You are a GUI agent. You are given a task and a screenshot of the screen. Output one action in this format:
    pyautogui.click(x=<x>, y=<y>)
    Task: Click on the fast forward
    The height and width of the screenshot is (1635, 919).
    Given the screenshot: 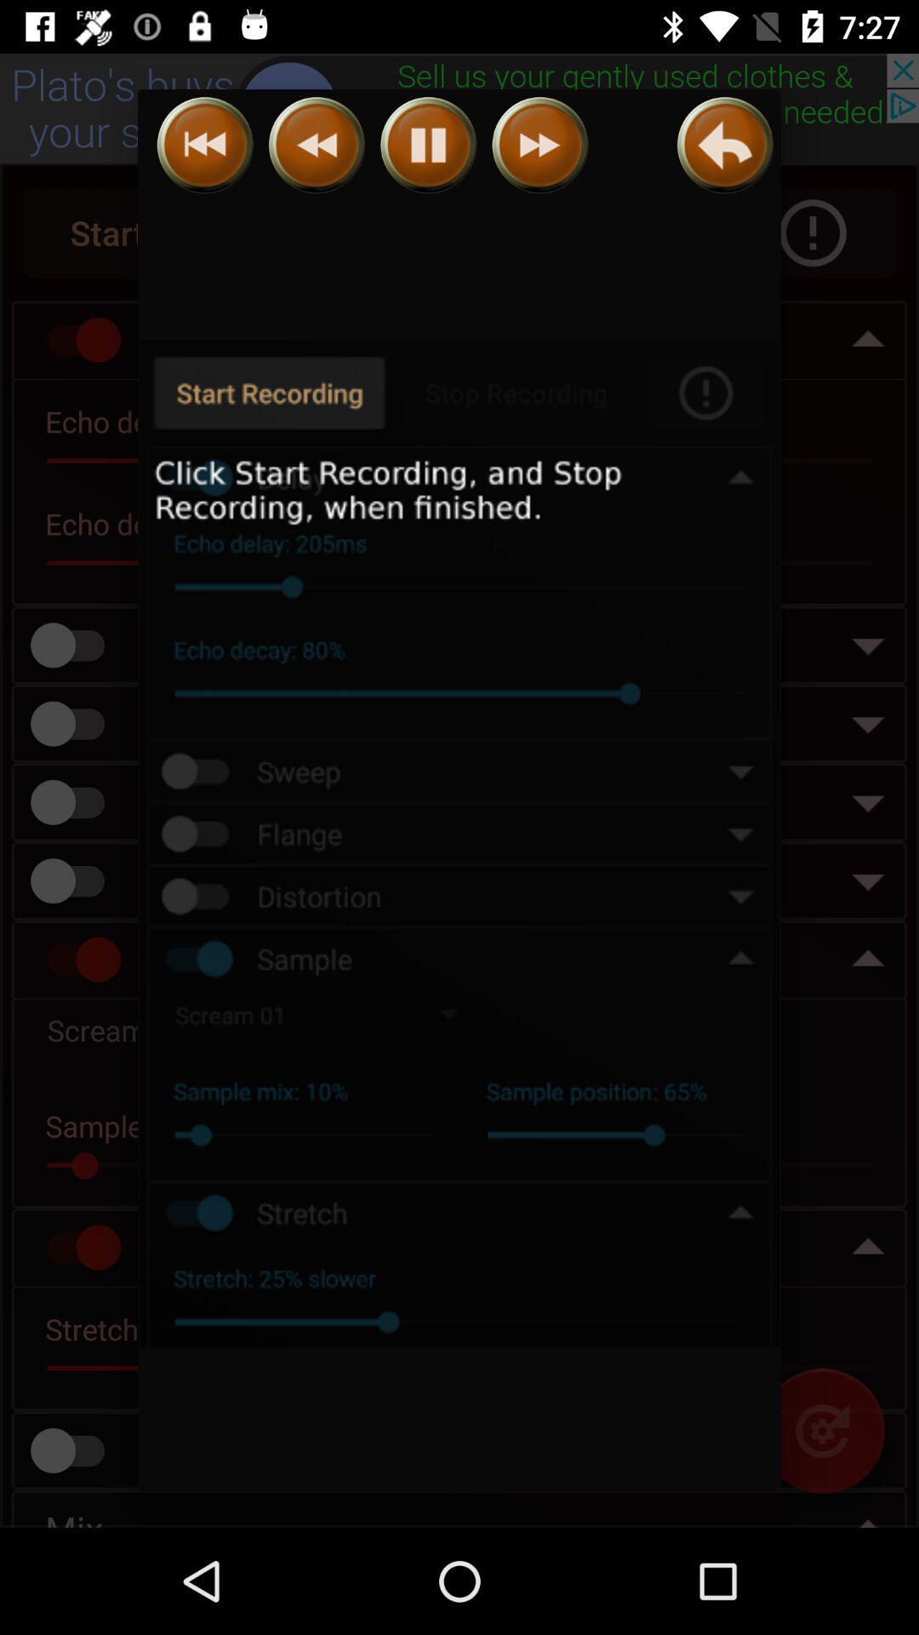 What is the action you would take?
    pyautogui.click(x=539, y=145)
    